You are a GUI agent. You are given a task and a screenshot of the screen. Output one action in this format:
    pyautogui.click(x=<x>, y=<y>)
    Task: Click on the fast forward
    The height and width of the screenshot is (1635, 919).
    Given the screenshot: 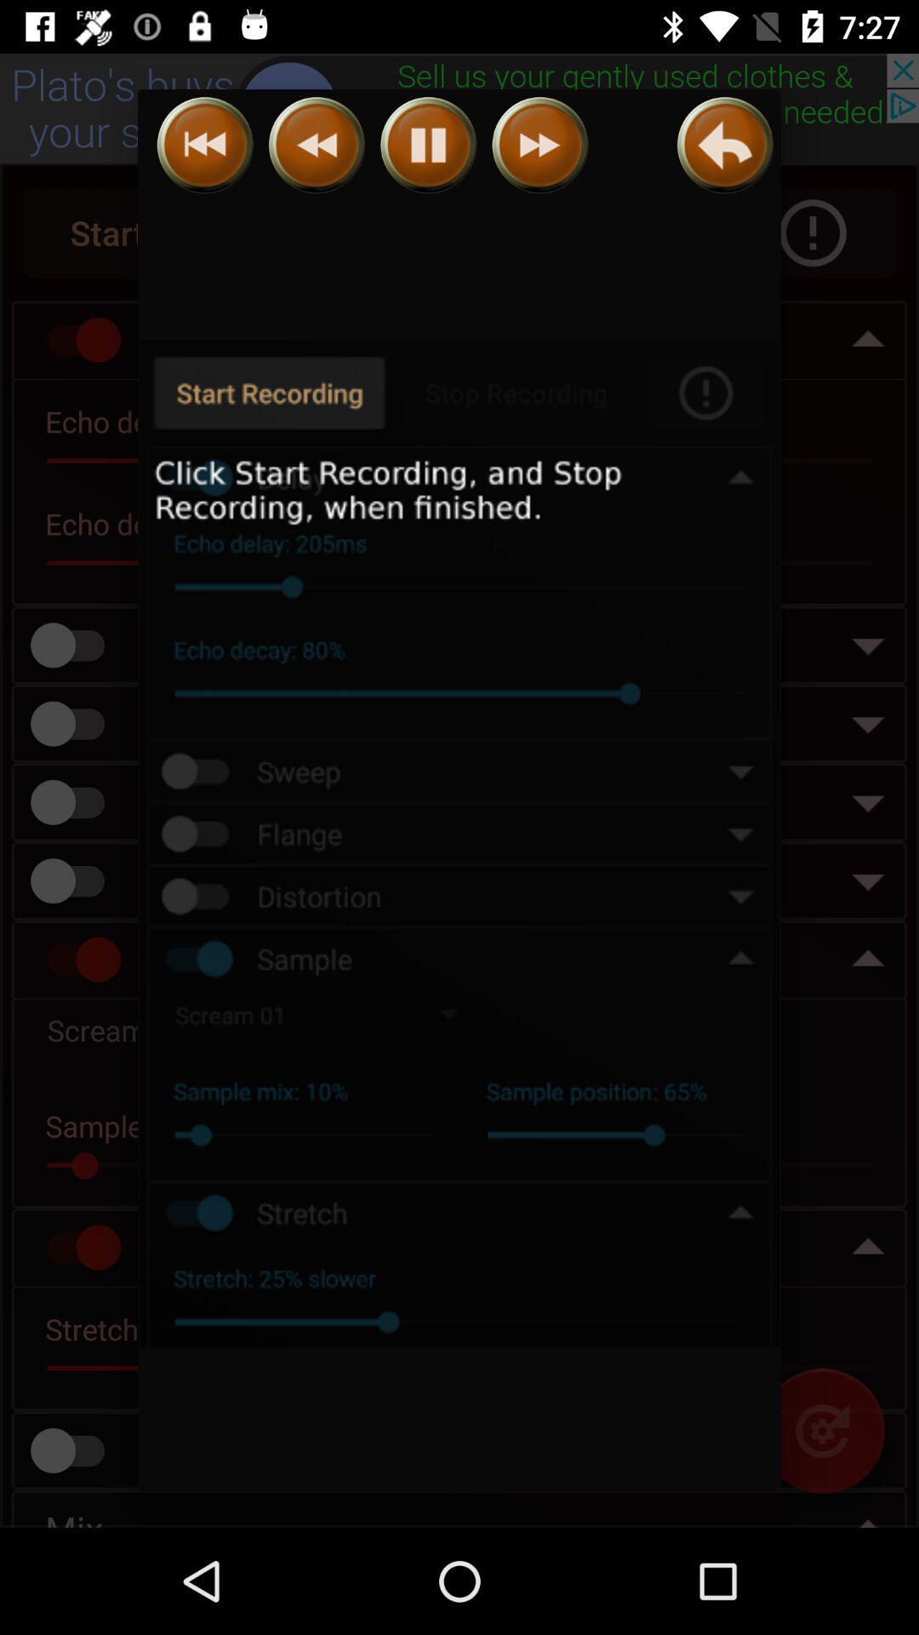 What is the action you would take?
    pyautogui.click(x=539, y=145)
    